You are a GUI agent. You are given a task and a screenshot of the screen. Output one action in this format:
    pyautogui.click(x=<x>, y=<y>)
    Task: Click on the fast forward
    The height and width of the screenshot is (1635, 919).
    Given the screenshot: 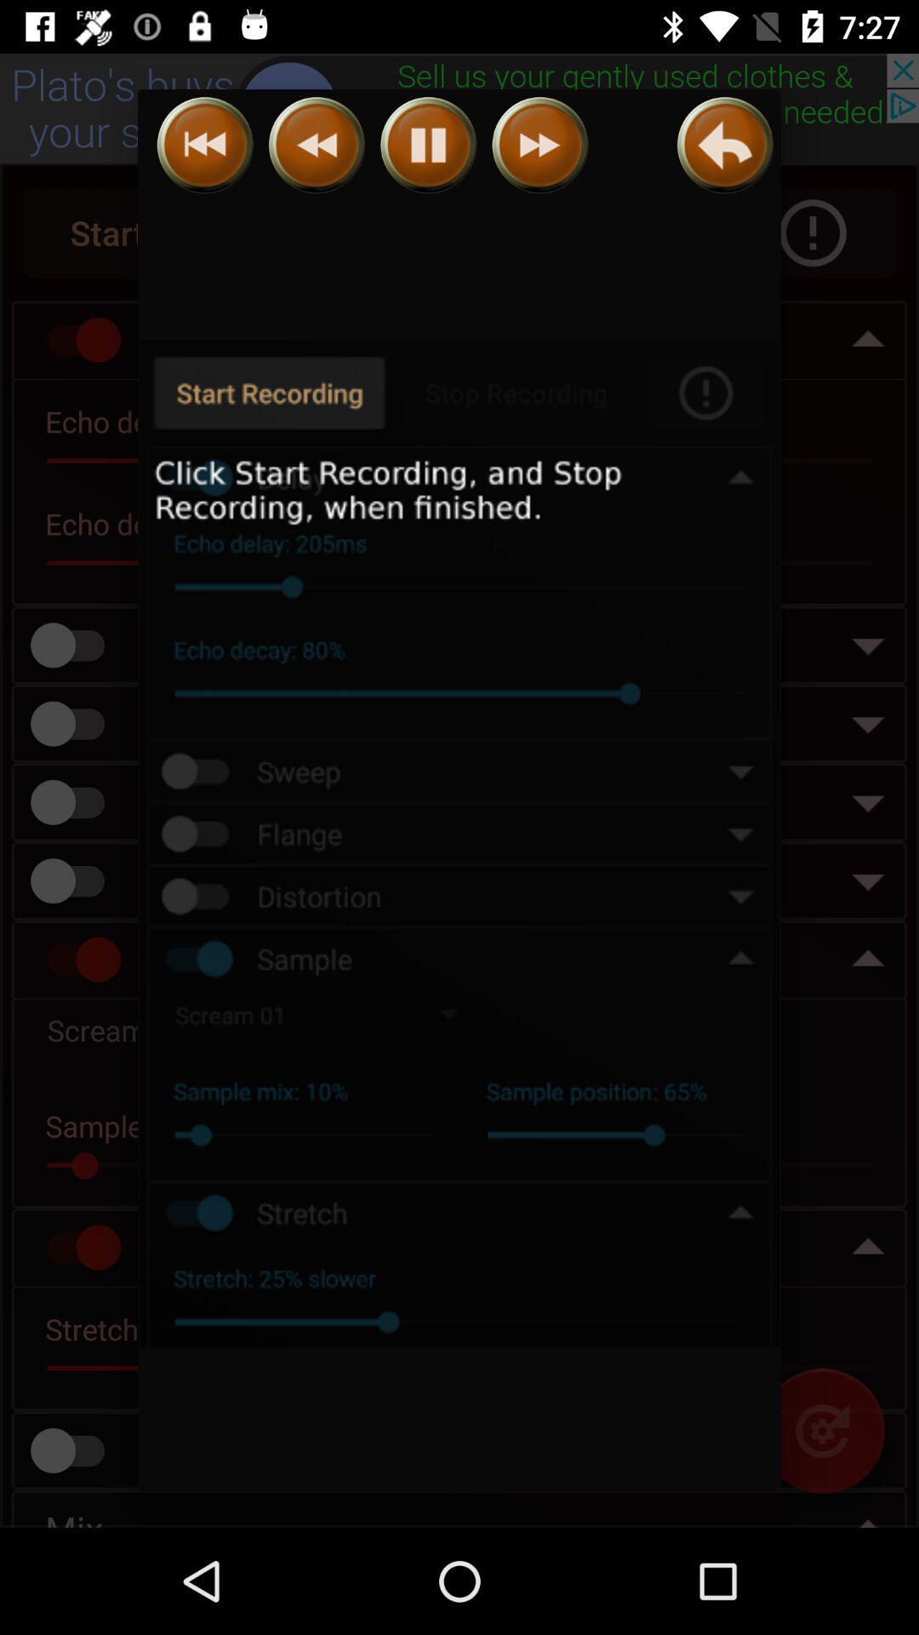 What is the action you would take?
    pyautogui.click(x=539, y=145)
    